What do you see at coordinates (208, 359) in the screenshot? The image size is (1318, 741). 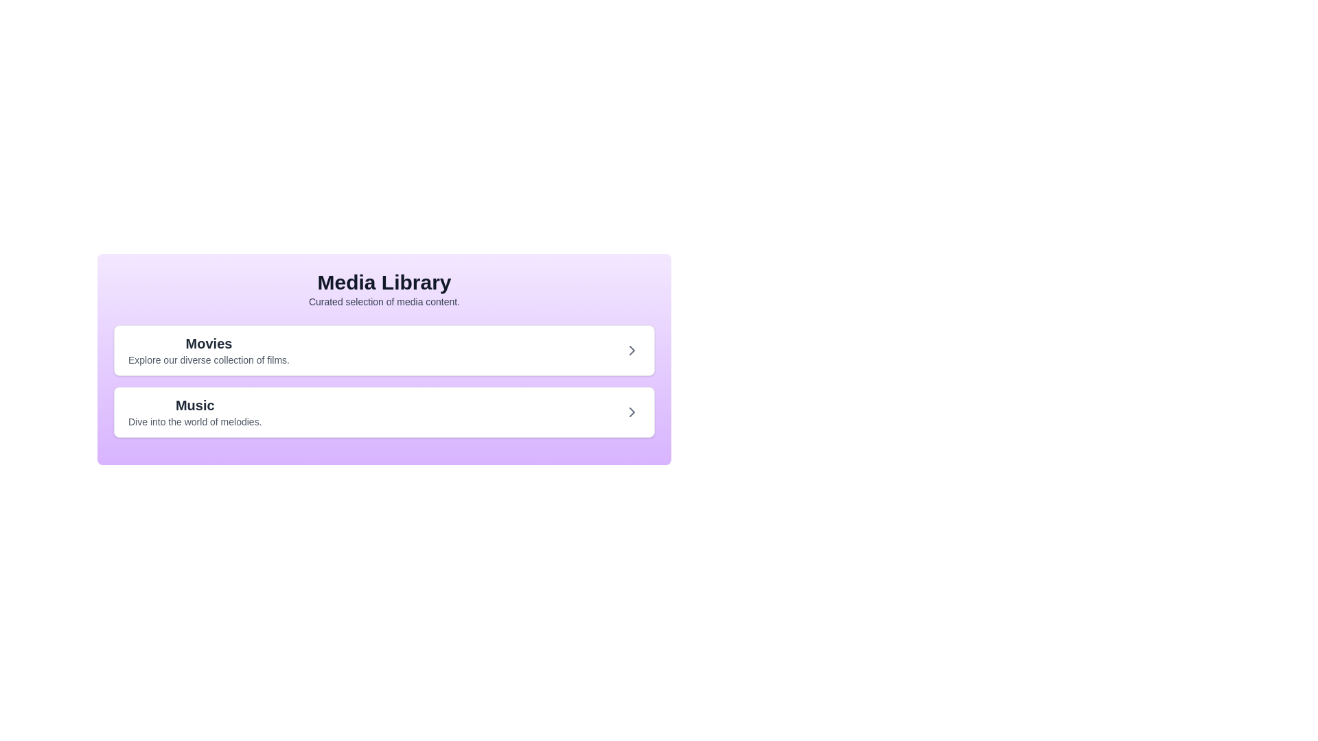 I see `the text label displaying 'Explore our diverse collection of films.' located below the 'Movies' heading in the 'Media Library' interface` at bounding box center [208, 359].